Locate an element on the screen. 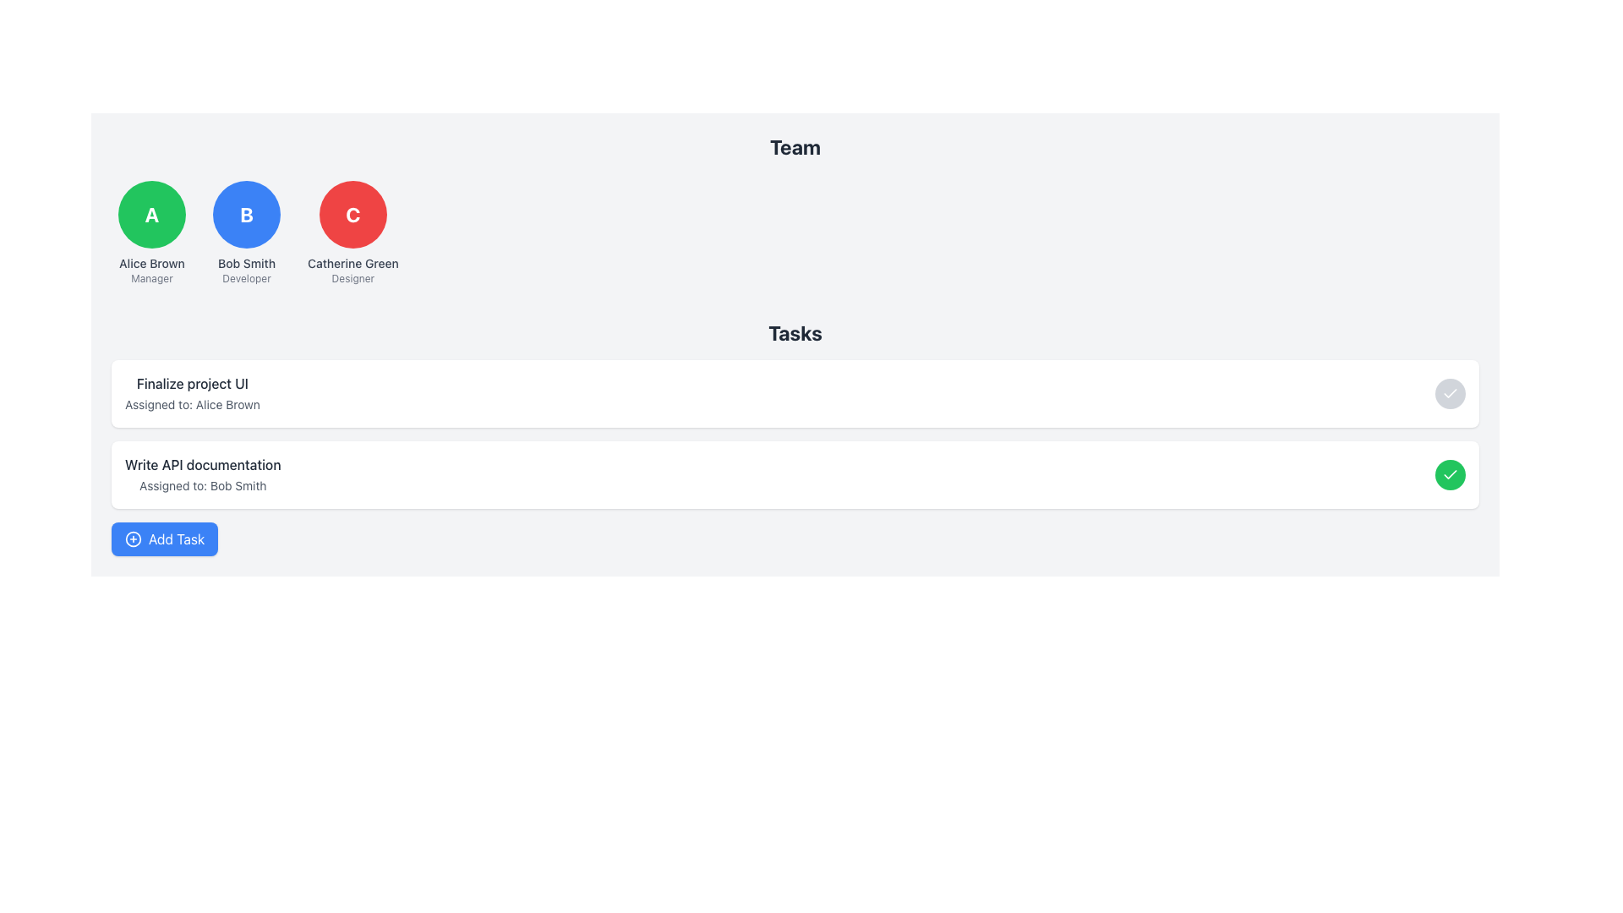 The image size is (1623, 913). the Circular avatar icon representing Bob Smith, located in the 'Team' section above the 'Bob Smith' name label and 'Developer' role label is located at coordinates (246, 214).